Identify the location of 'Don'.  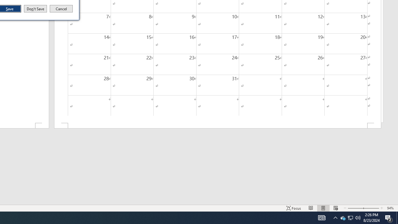
(35, 9).